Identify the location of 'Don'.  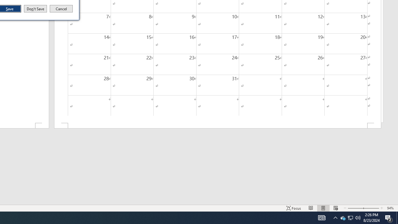
(35, 9).